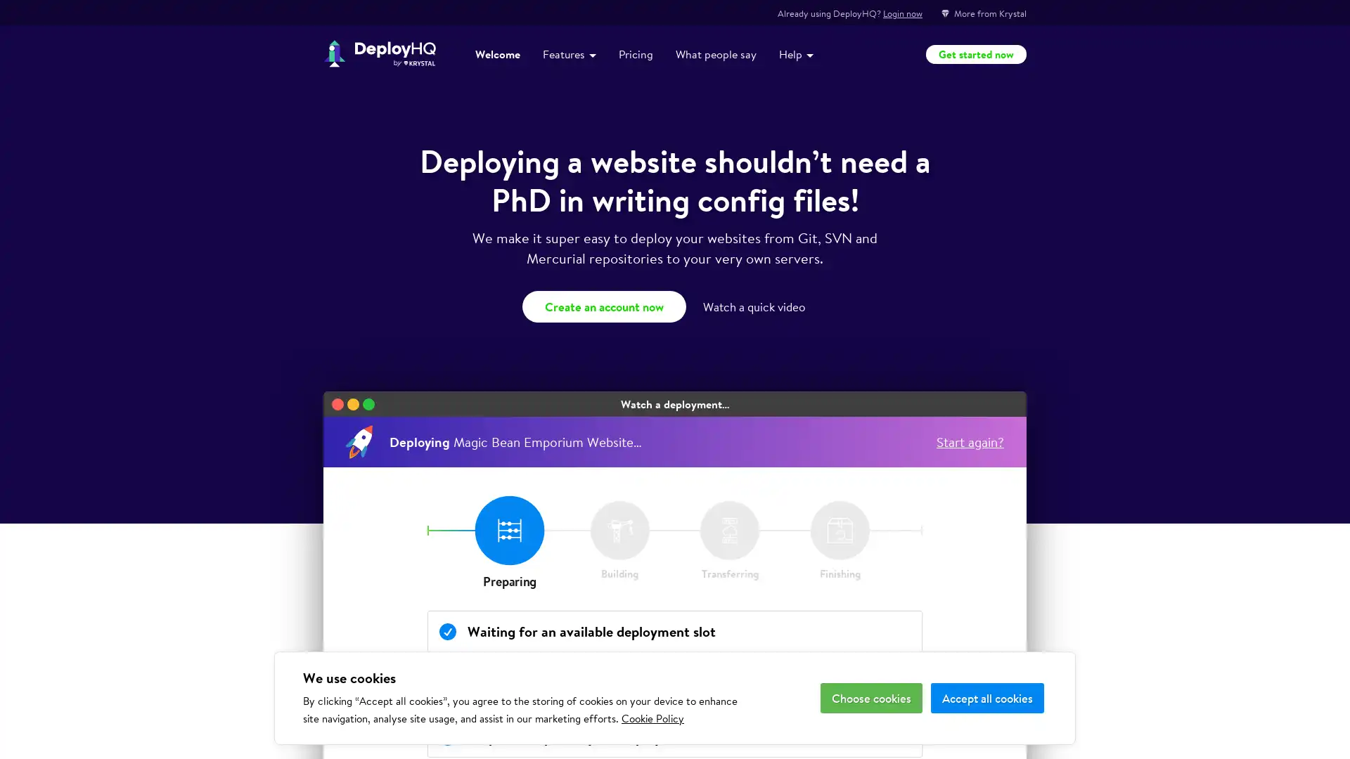 The height and width of the screenshot is (759, 1350). Describe the element at coordinates (986, 698) in the screenshot. I see `Accept all cookies` at that location.